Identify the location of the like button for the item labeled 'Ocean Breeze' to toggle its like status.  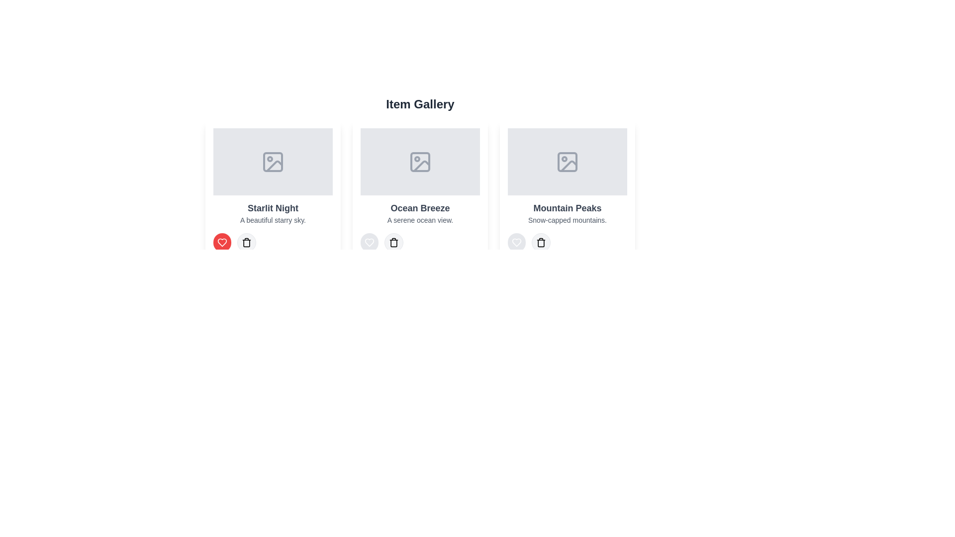
(369, 243).